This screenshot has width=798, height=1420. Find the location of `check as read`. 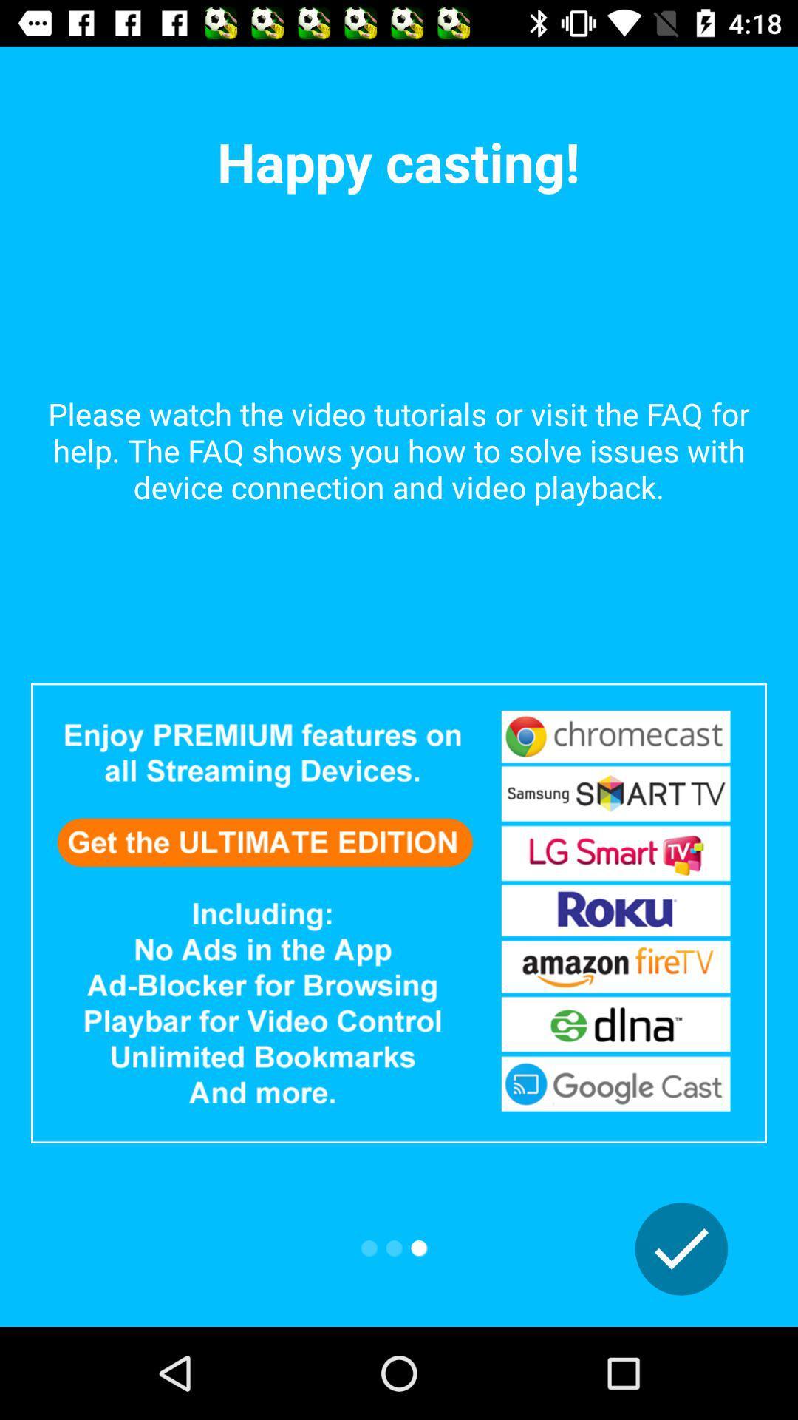

check as read is located at coordinates (681, 1248).